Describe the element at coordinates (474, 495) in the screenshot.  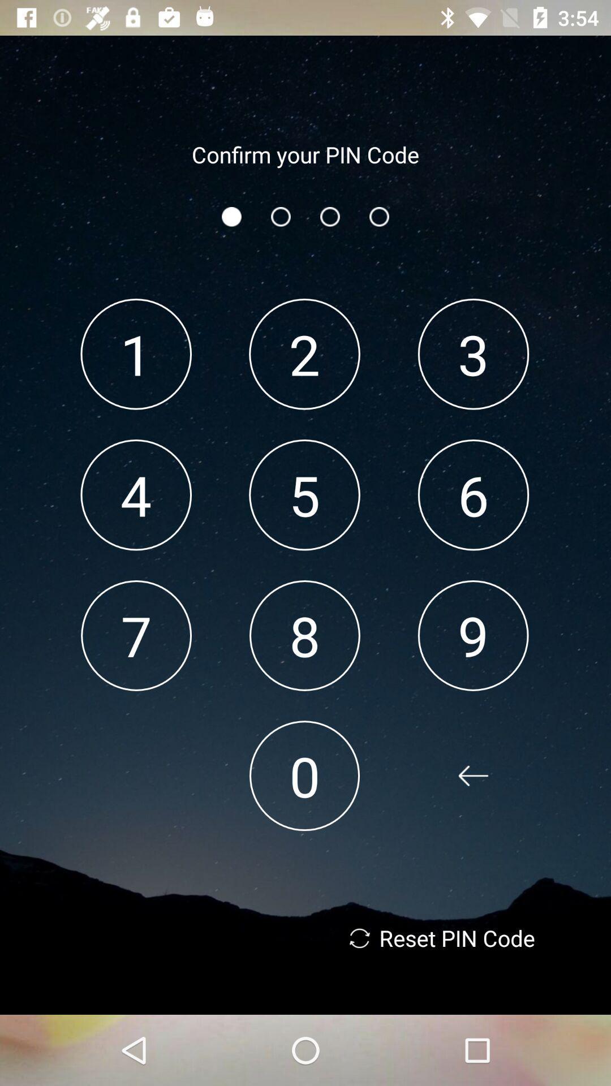
I see `the item below the 3` at that location.